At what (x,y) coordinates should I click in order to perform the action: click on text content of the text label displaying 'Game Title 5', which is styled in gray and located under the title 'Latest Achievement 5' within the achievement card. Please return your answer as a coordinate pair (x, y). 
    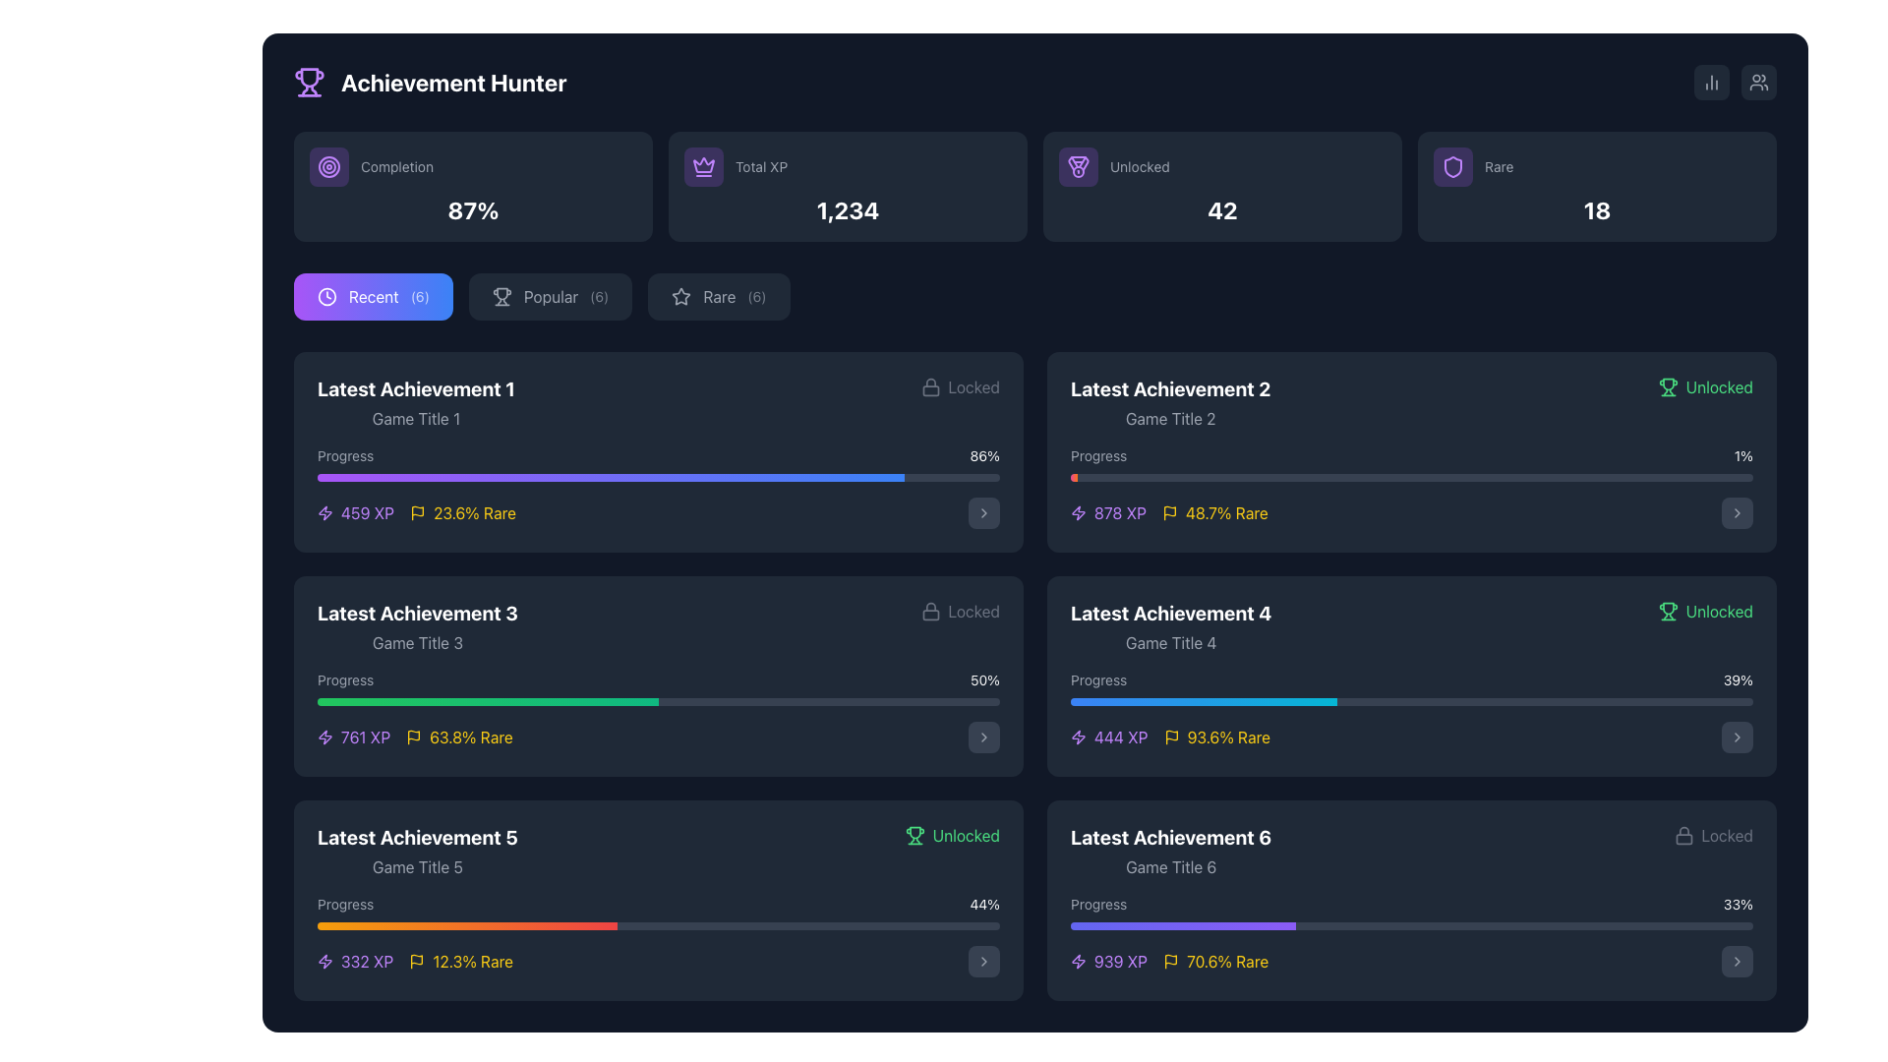
    Looking at the image, I should click on (416, 866).